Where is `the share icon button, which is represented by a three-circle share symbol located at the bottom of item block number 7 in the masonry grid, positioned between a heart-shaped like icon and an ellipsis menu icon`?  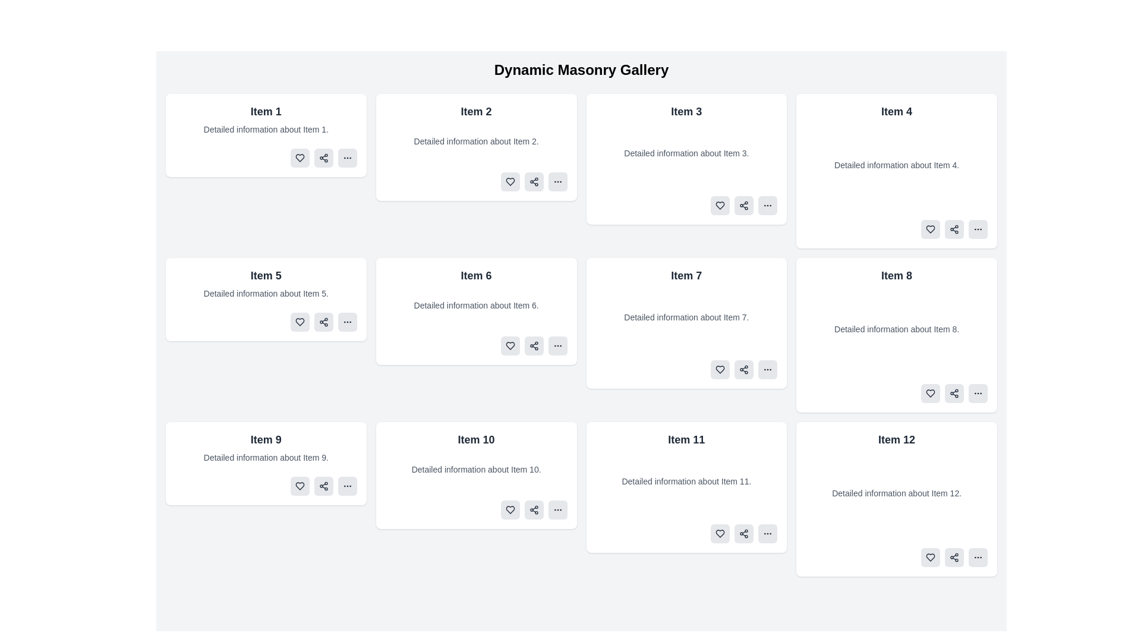 the share icon button, which is represented by a three-circle share symbol located at the bottom of item block number 7 in the masonry grid, positioned between a heart-shaped like icon and an ellipsis menu icon is located at coordinates (743, 369).